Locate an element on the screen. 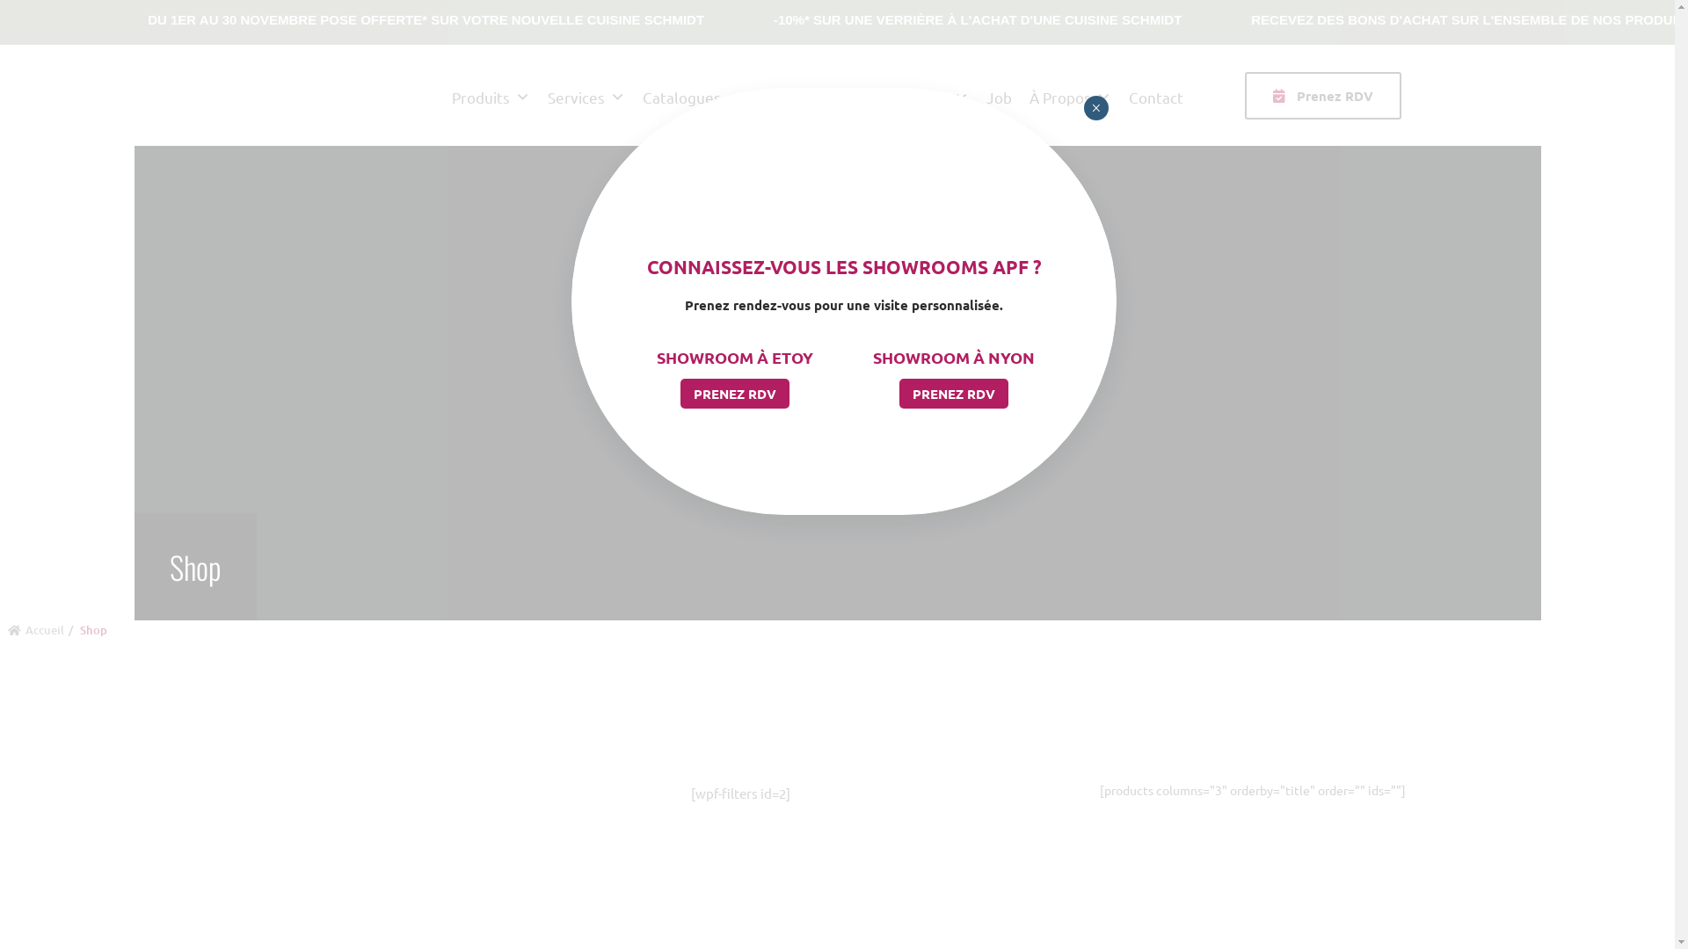 The height and width of the screenshot is (949, 1688). 'Job' is located at coordinates (999, 95).